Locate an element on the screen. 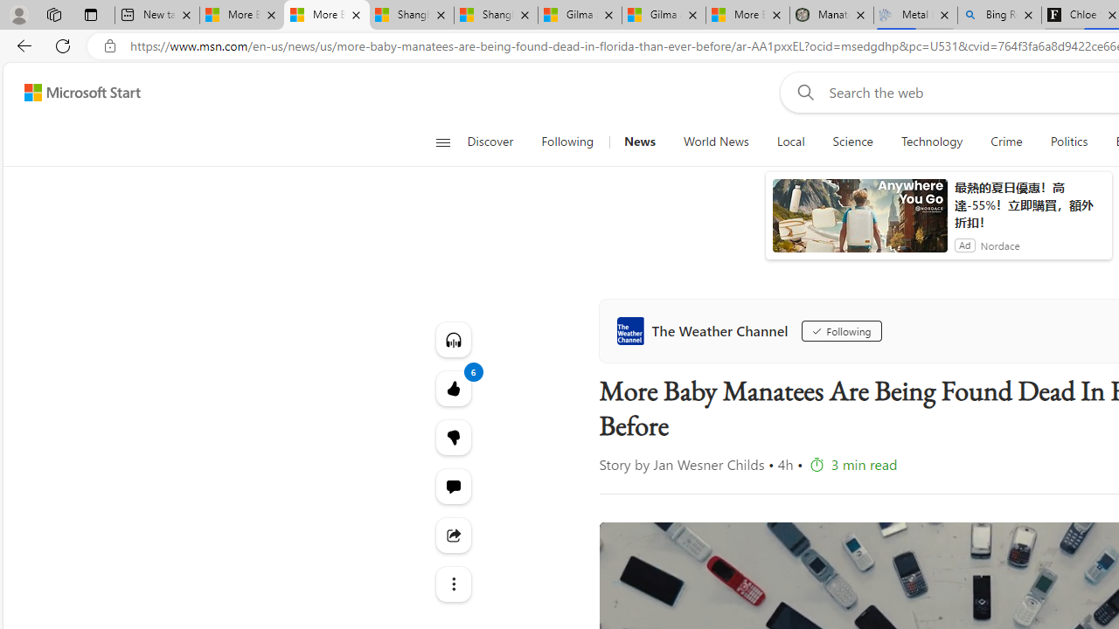  'Following' is located at coordinates (841, 331).